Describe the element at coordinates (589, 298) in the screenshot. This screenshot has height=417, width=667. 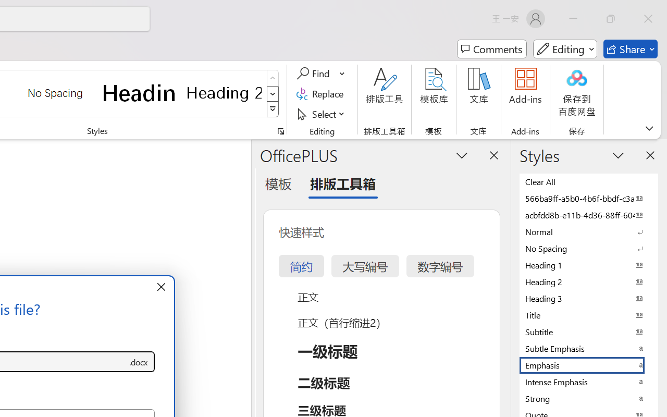
I see `'Heading 3'` at that location.